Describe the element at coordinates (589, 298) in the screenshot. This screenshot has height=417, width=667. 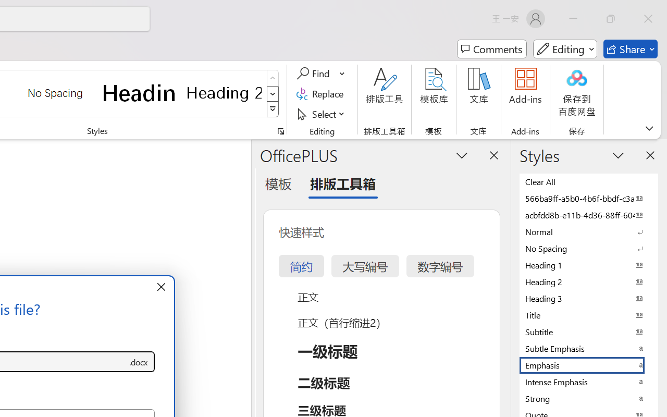
I see `'Heading 3'` at that location.